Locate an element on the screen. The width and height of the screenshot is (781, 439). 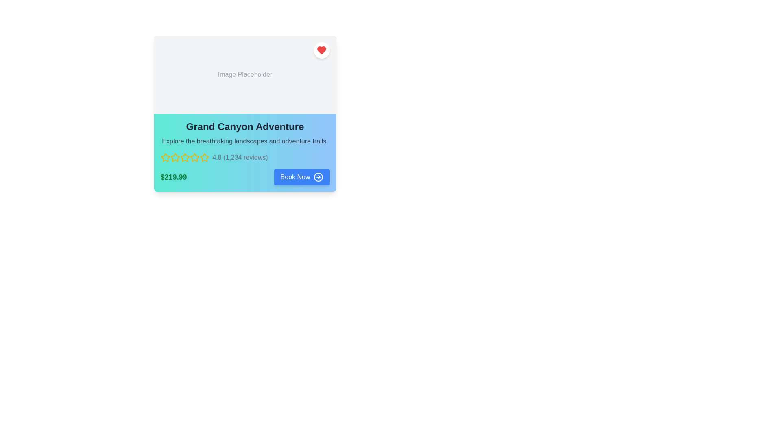
the fourth star-shaped icon in the star rating system, which visually communicates a rating value is located at coordinates (184, 158).